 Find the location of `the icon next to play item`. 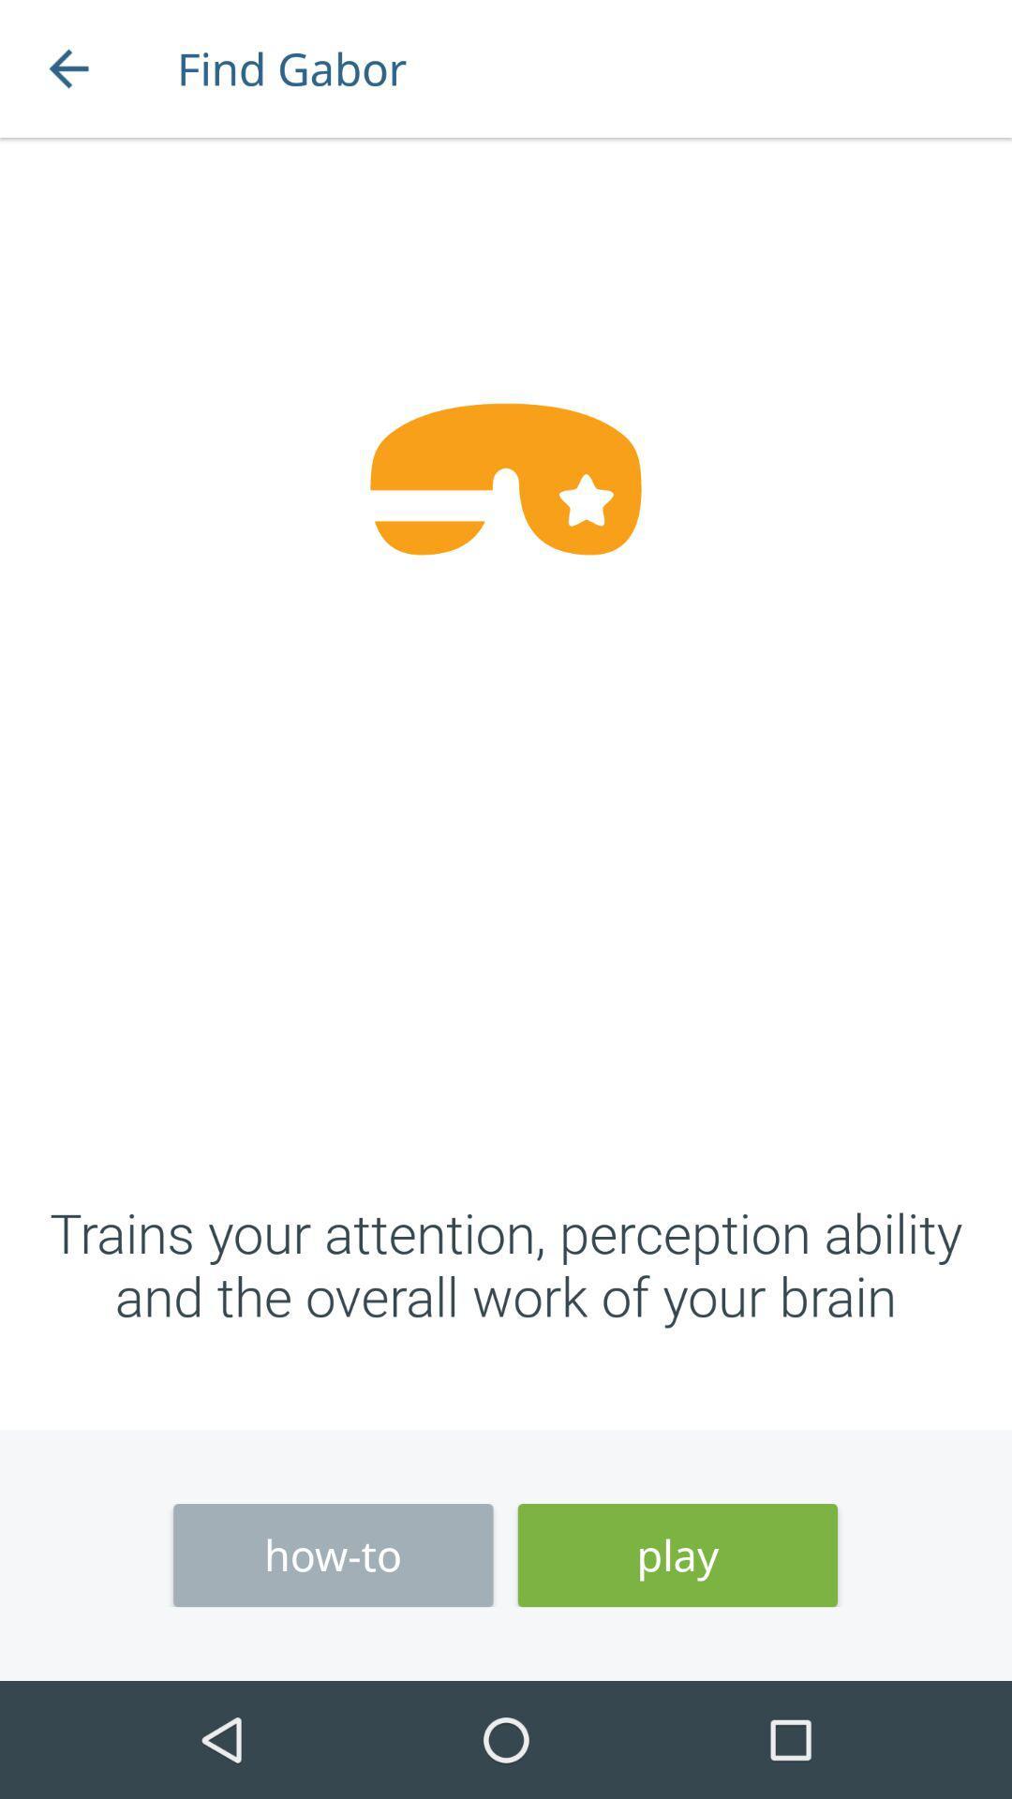

the icon next to play item is located at coordinates (332, 1555).